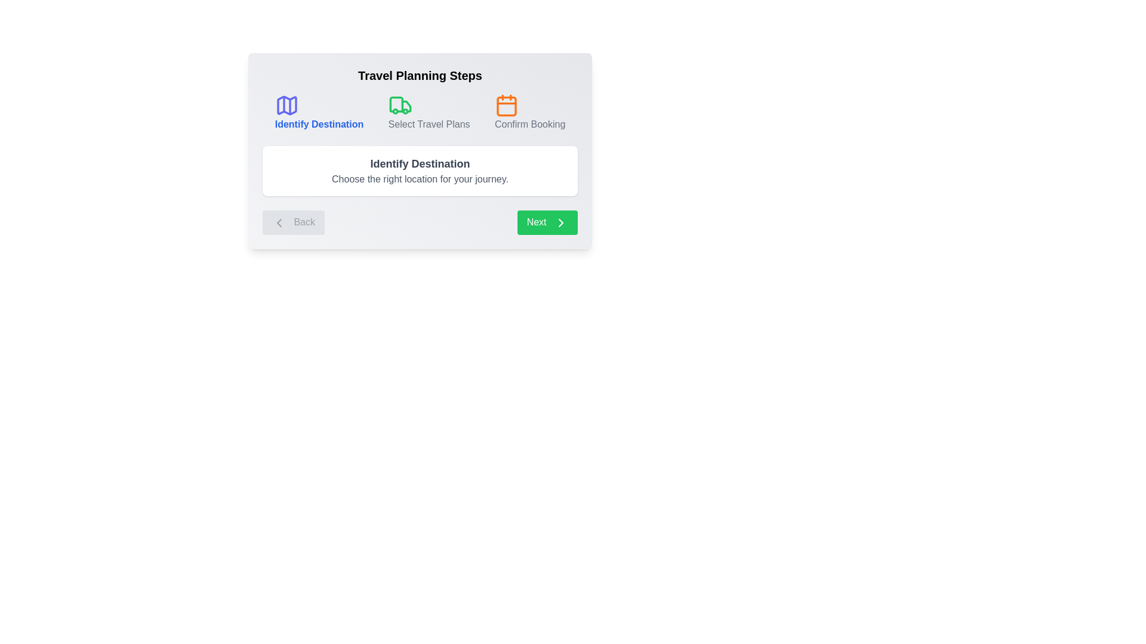  I want to click on the label indicating the second step in the travel planning process, which is located beneath the vehicle icon in the 'Travel Planning Steps' row, so click(429, 124).